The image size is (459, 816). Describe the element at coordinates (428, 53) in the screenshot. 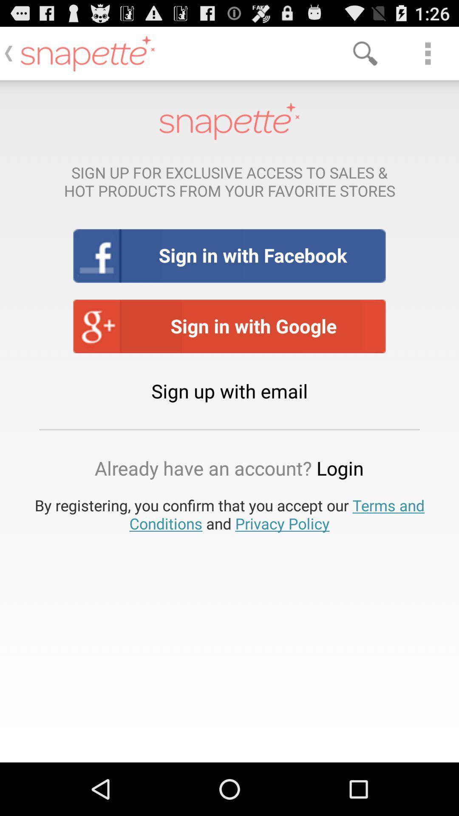

I see `item above the sign up for icon` at that location.